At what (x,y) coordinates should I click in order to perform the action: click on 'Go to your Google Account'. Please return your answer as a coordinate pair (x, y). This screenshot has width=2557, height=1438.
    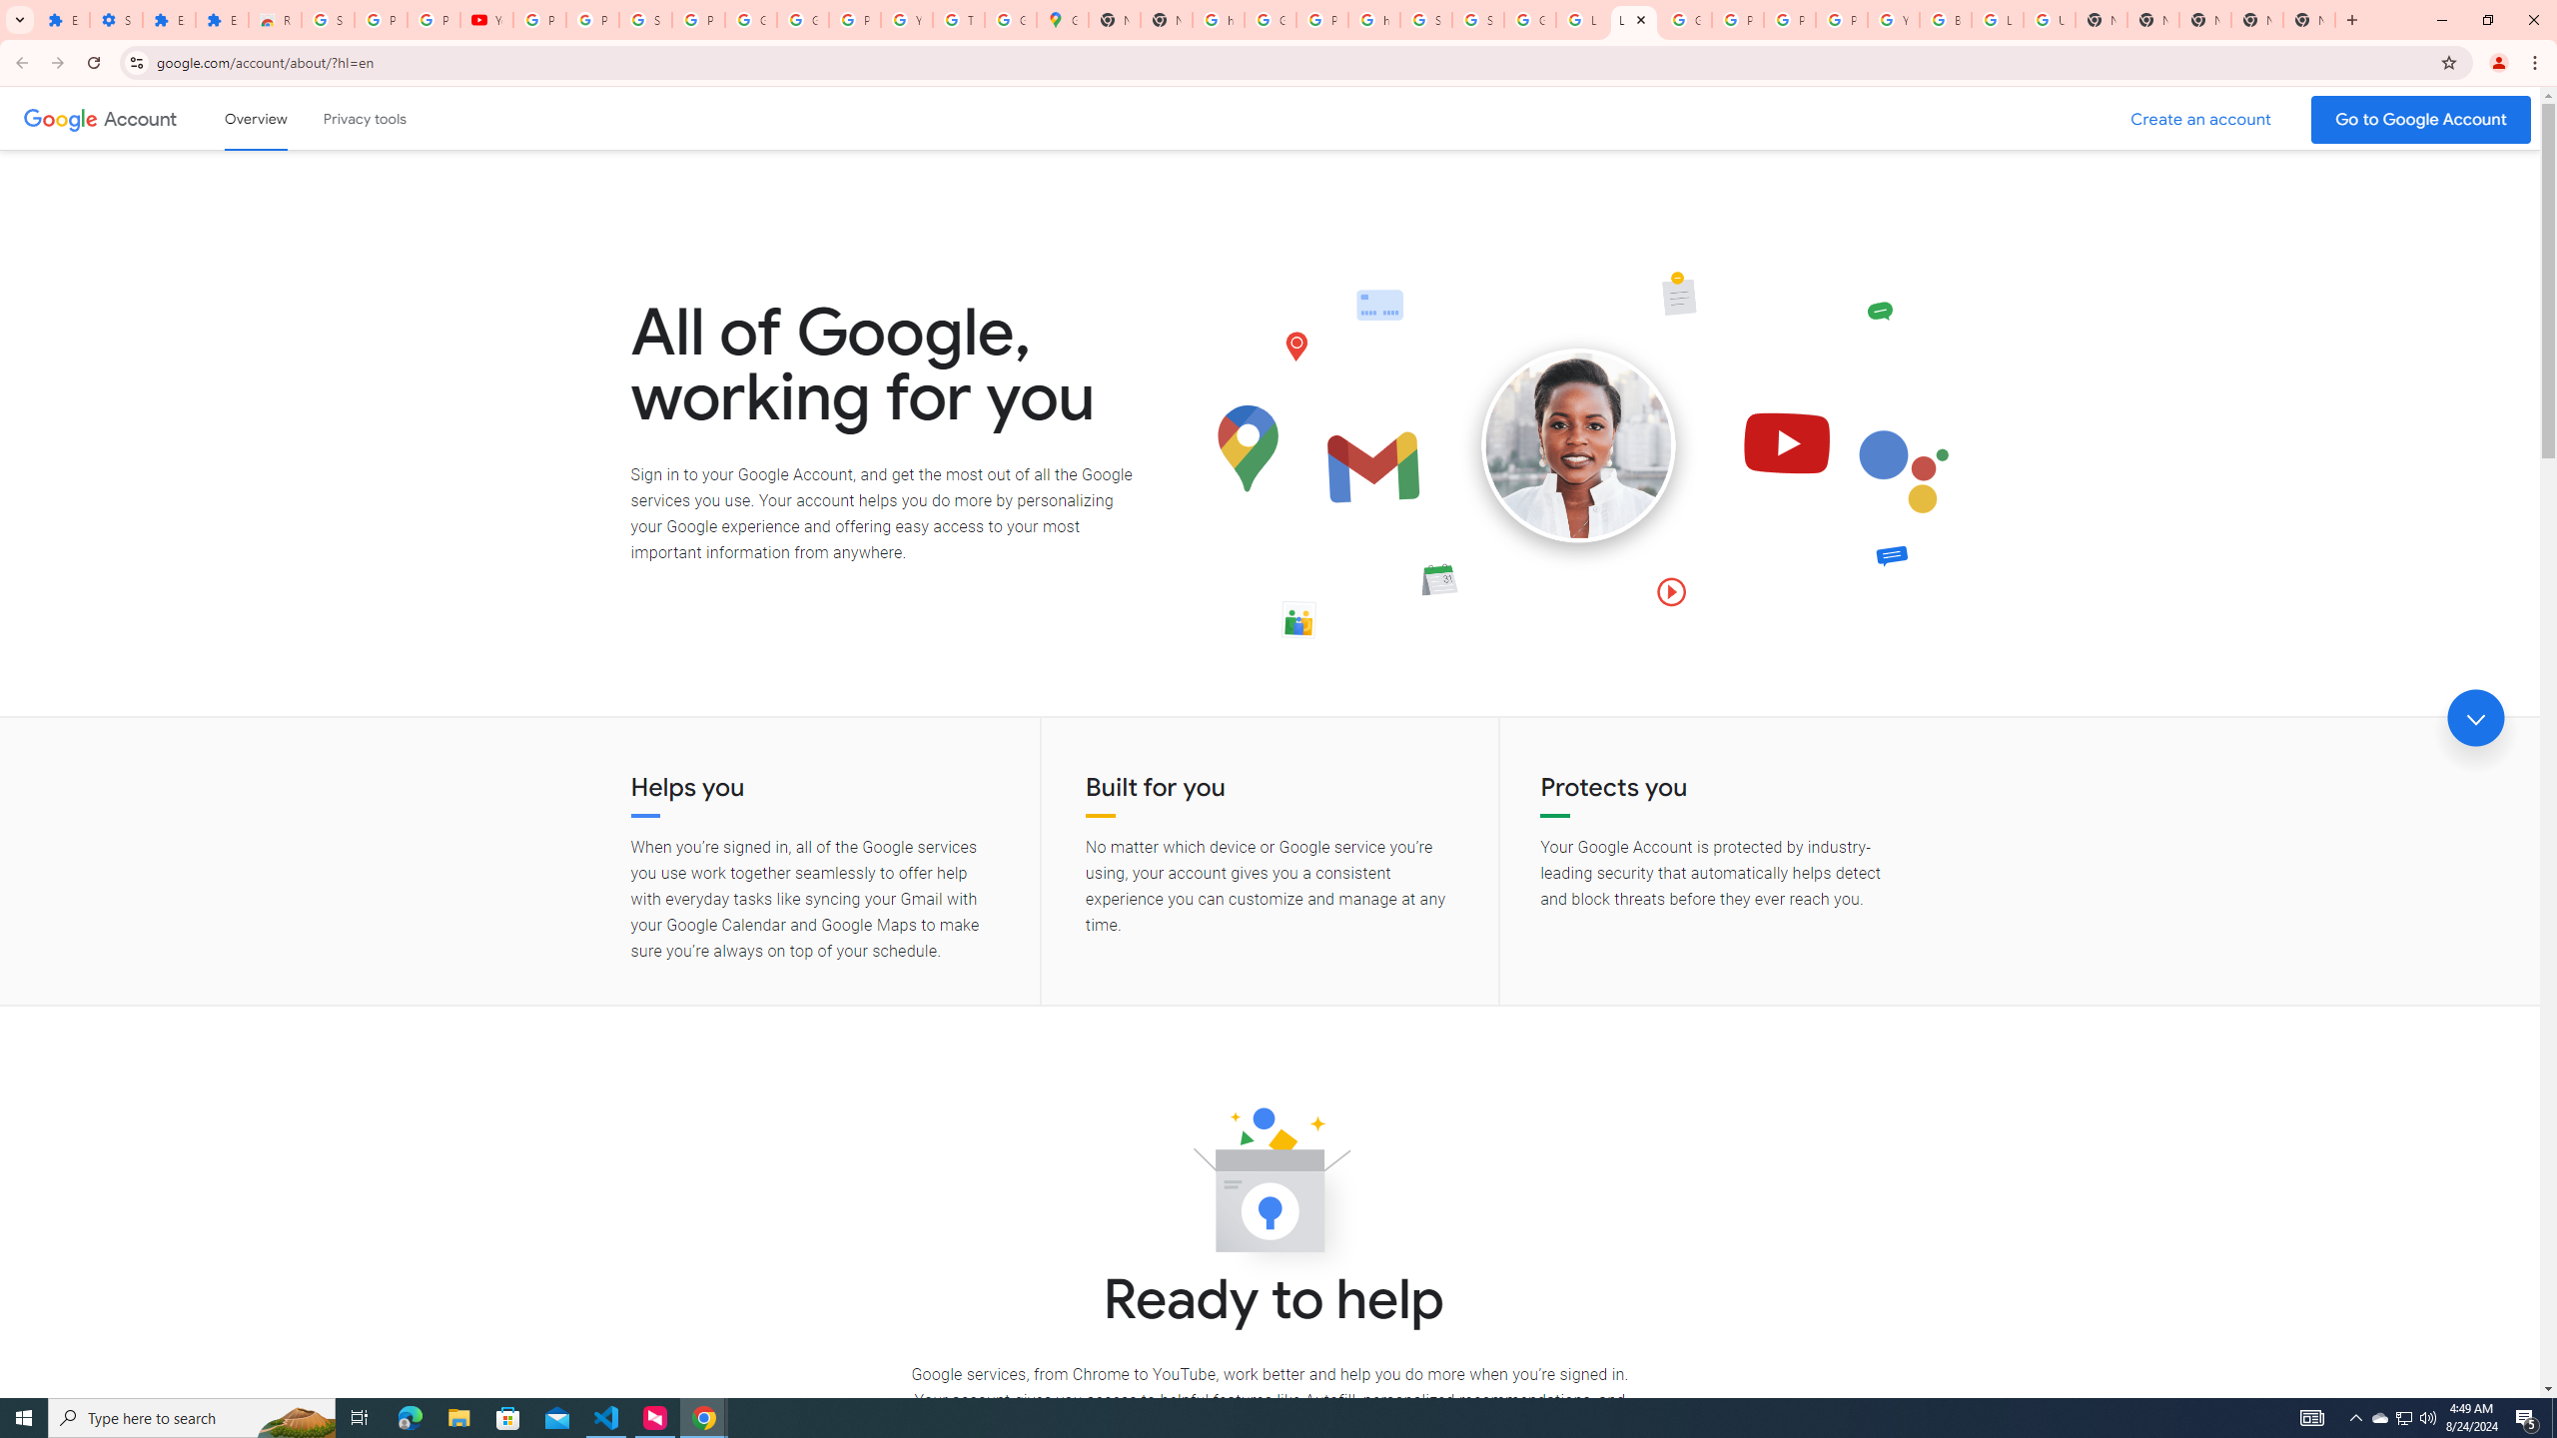
    Looking at the image, I should click on (2421, 119).